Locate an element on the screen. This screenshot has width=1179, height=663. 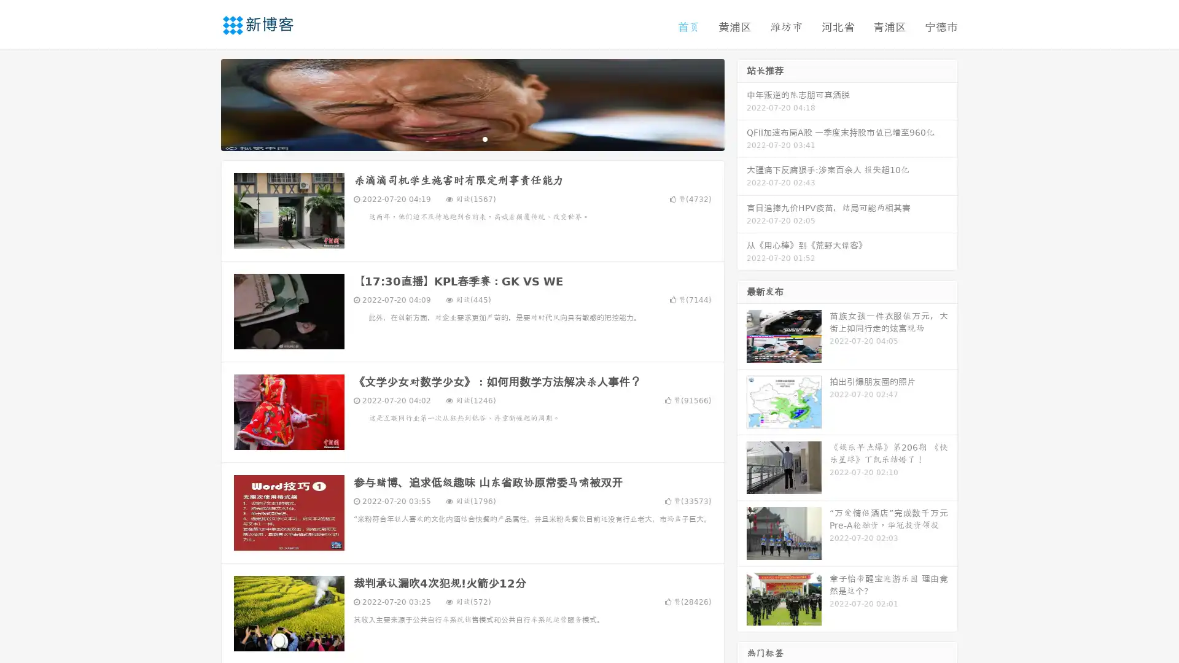
Go to slide 1 is located at coordinates (459, 138).